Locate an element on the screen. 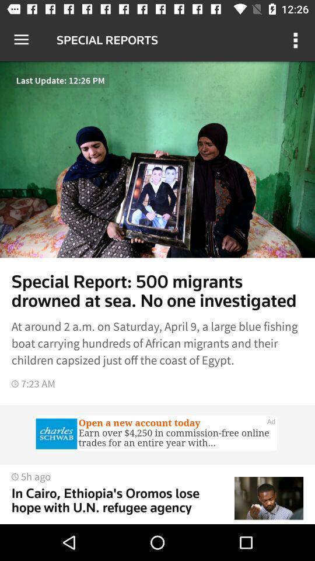  advertisement is located at coordinates (157, 434).